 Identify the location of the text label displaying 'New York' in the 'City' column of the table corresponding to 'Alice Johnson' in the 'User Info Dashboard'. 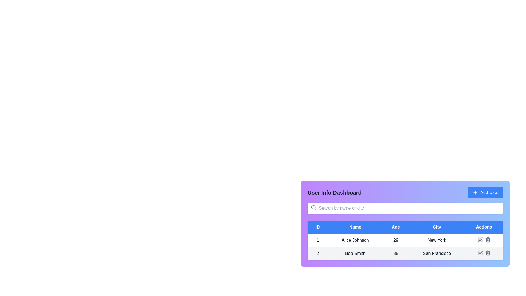
(436, 240).